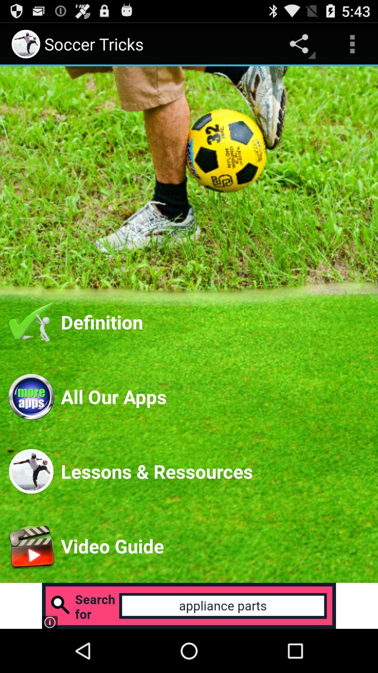 The width and height of the screenshot is (378, 673). What do you see at coordinates (215, 396) in the screenshot?
I see `the all our apps app` at bounding box center [215, 396].